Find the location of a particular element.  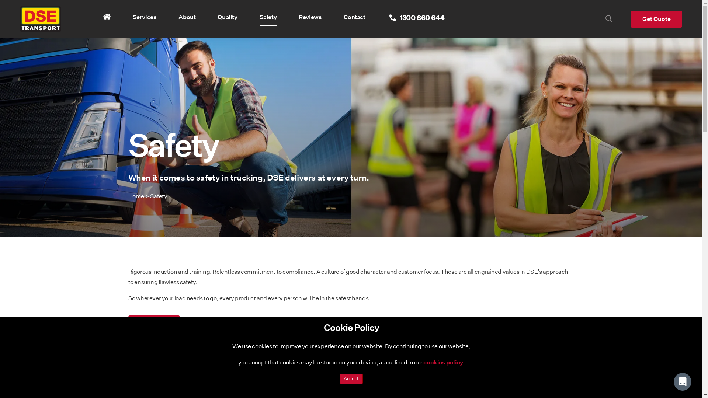

'cookies policy.' is located at coordinates (443, 362).